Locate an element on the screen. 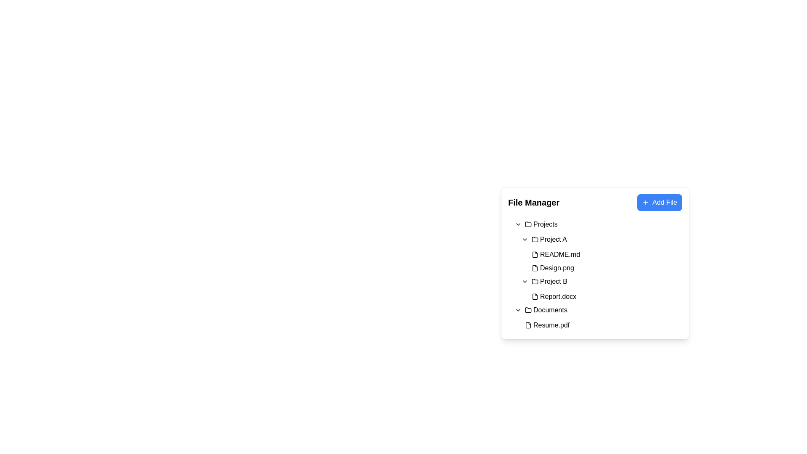 This screenshot has height=454, width=807. the file entry named 'Design.png' with a document icon in the 'Projects' section of the hierarchical file manager is located at coordinates (553, 268).